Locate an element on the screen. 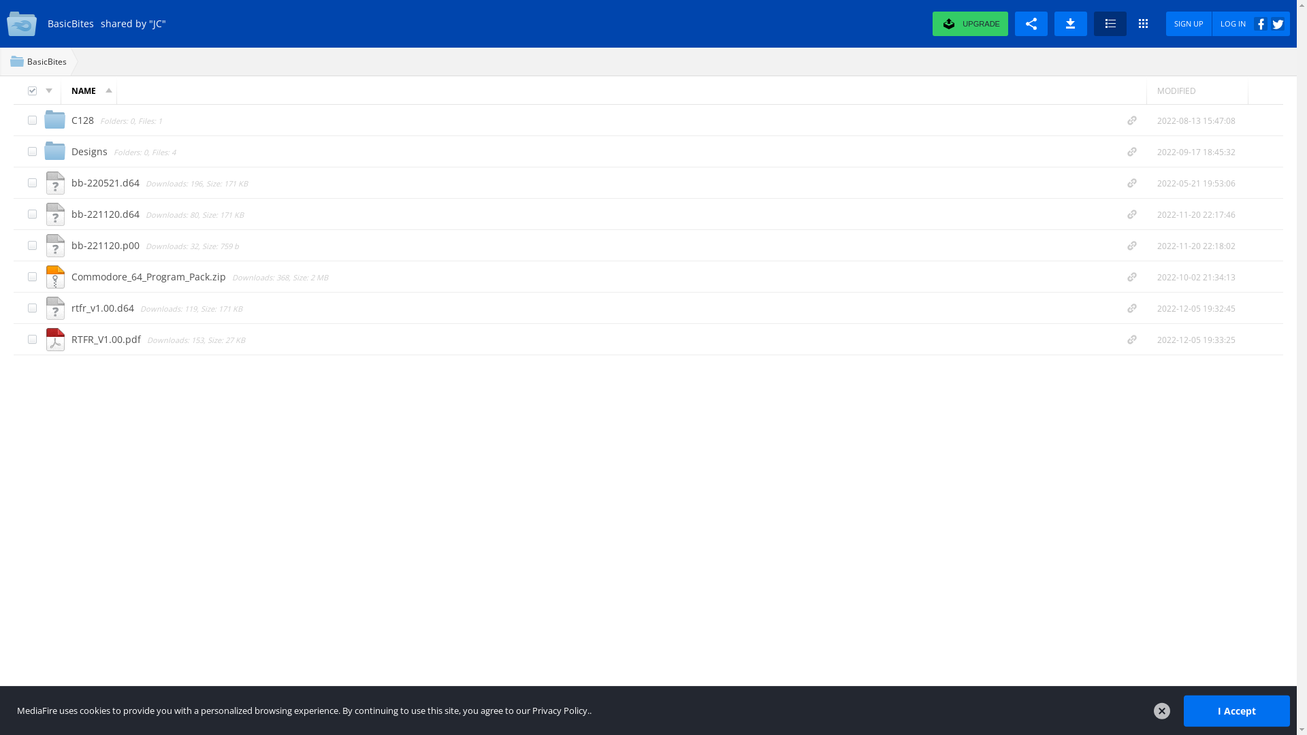  'I Accept' is located at coordinates (1182, 710).